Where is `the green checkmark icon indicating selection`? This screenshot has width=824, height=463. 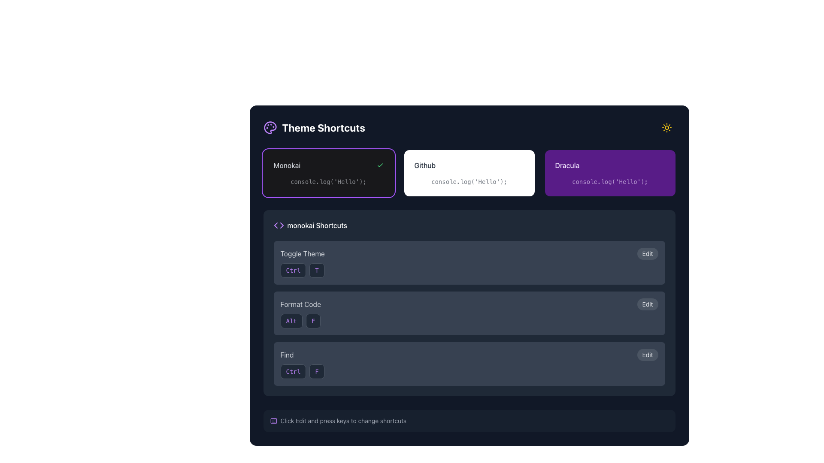 the green checkmark icon indicating selection is located at coordinates (379, 165).